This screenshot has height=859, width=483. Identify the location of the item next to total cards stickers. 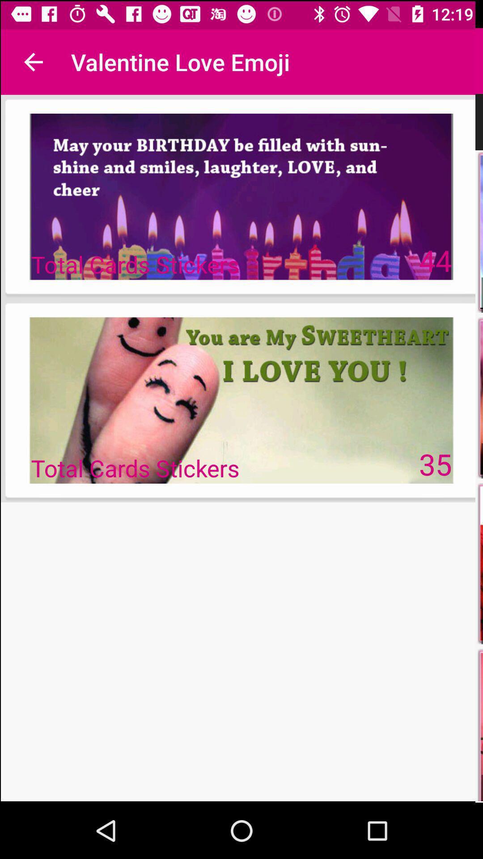
(436, 464).